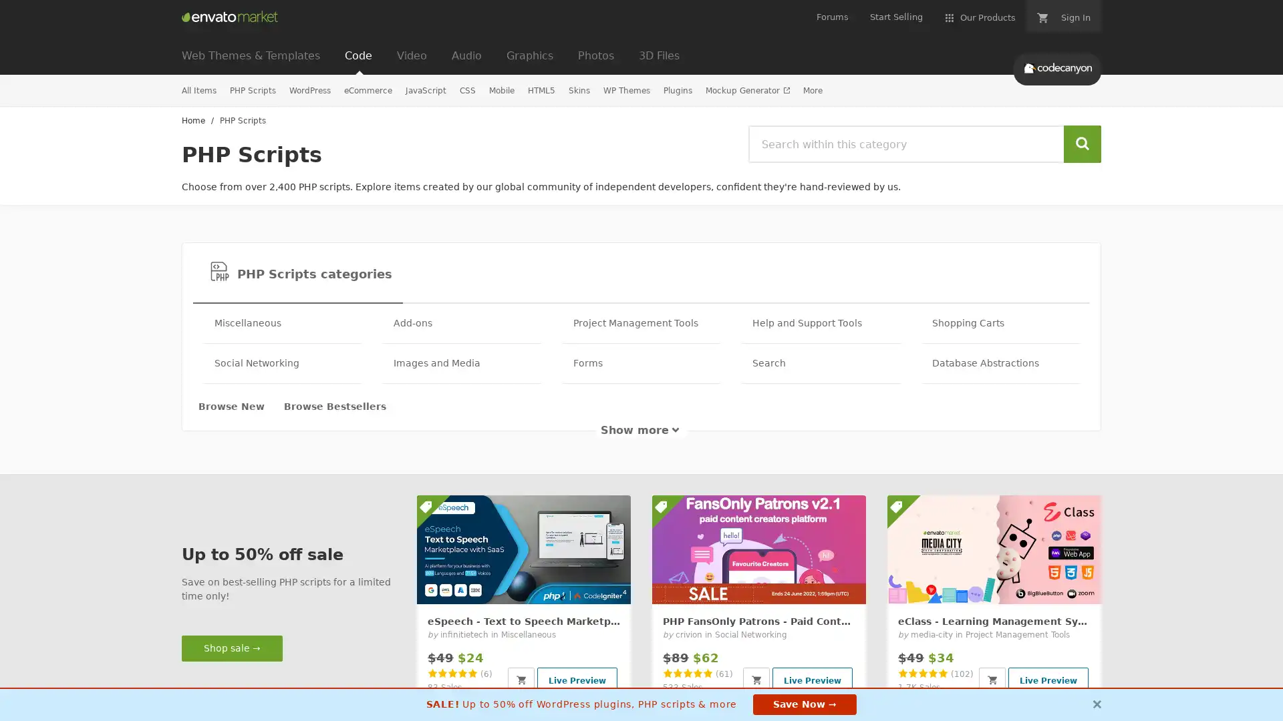  What do you see at coordinates (1084, 584) in the screenshot?
I see `Add to Favorites` at bounding box center [1084, 584].